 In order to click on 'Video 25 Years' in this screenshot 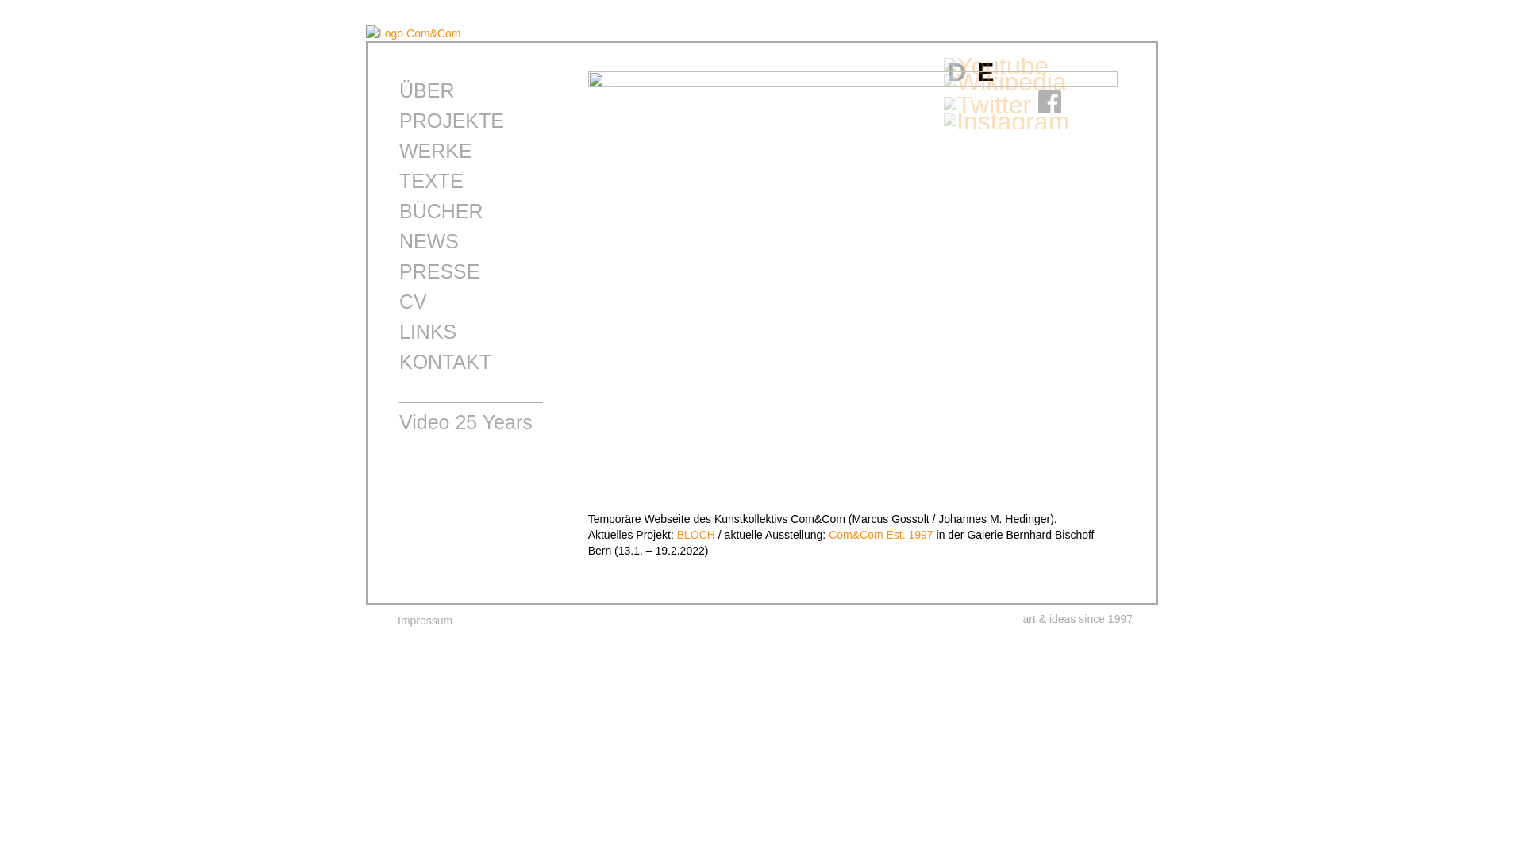, I will do `click(464, 421)`.